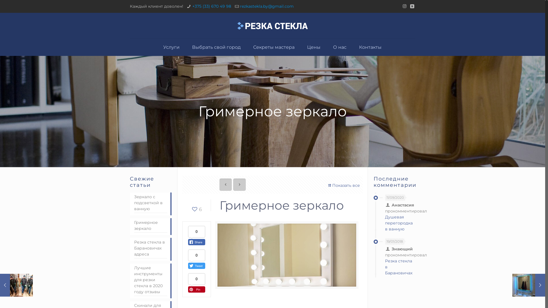  Describe the element at coordinates (412, 6) in the screenshot. I see `'VKontakte'` at that location.